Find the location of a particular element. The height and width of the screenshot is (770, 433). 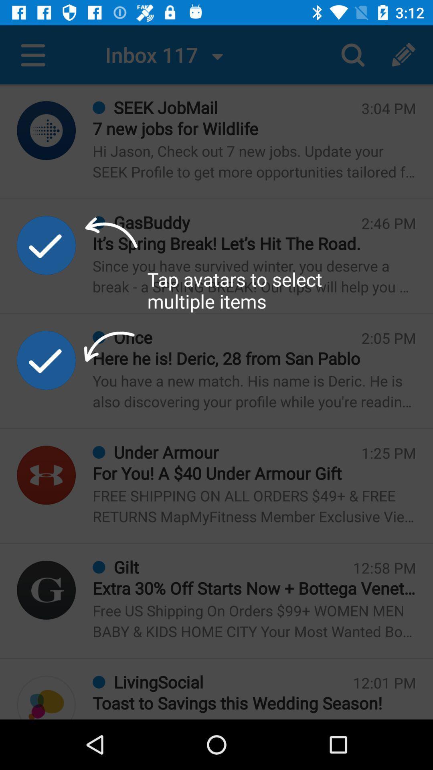

read message is located at coordinates (46, 697).